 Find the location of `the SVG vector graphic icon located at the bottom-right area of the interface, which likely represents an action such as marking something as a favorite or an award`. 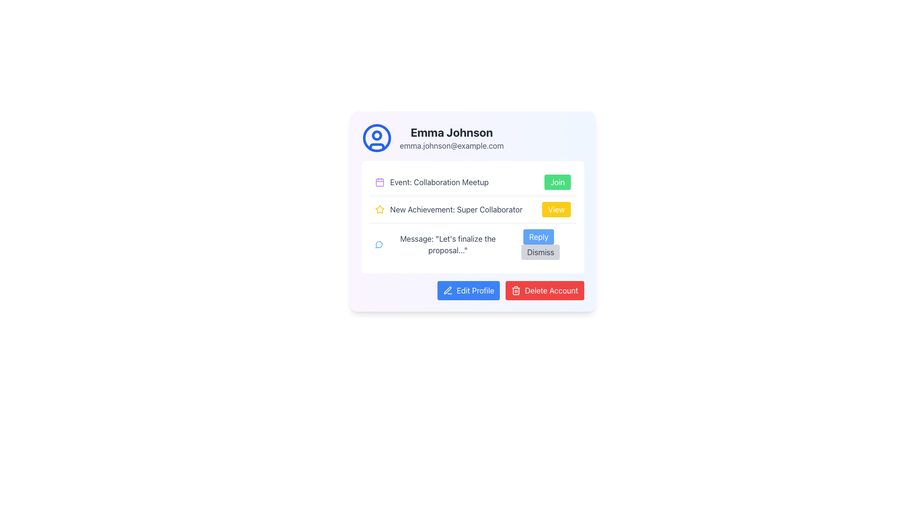

the SVG vector graphic icon located at the bottom-right area of the interface, which likely represents an action such as marking something as a favorite or an award is located at coordinates (379, 209).